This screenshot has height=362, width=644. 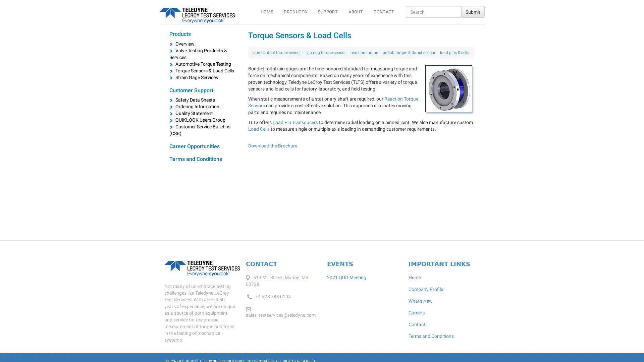 What do you see at coordinates (473, 12) in the screenshot?
I see `Submit` at bounding box center [473, 12].